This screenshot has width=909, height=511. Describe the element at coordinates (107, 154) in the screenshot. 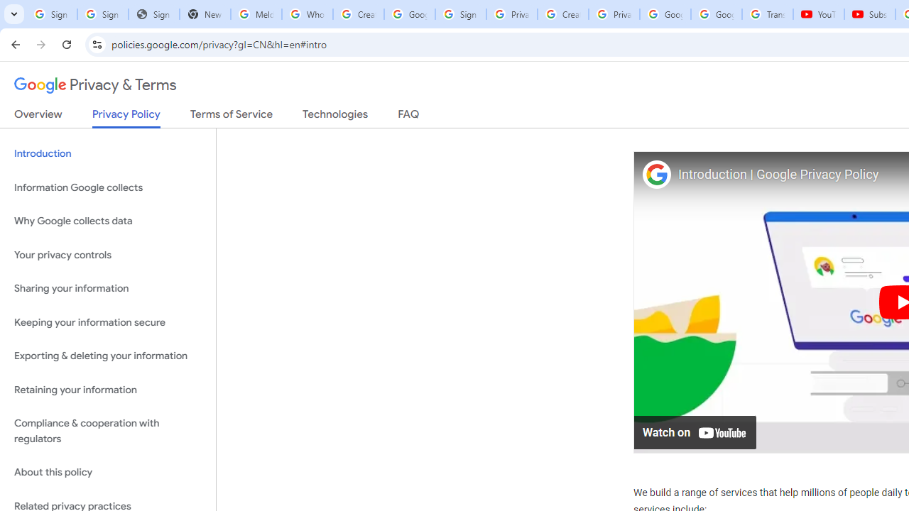

I see `'Introduction'` at that location.